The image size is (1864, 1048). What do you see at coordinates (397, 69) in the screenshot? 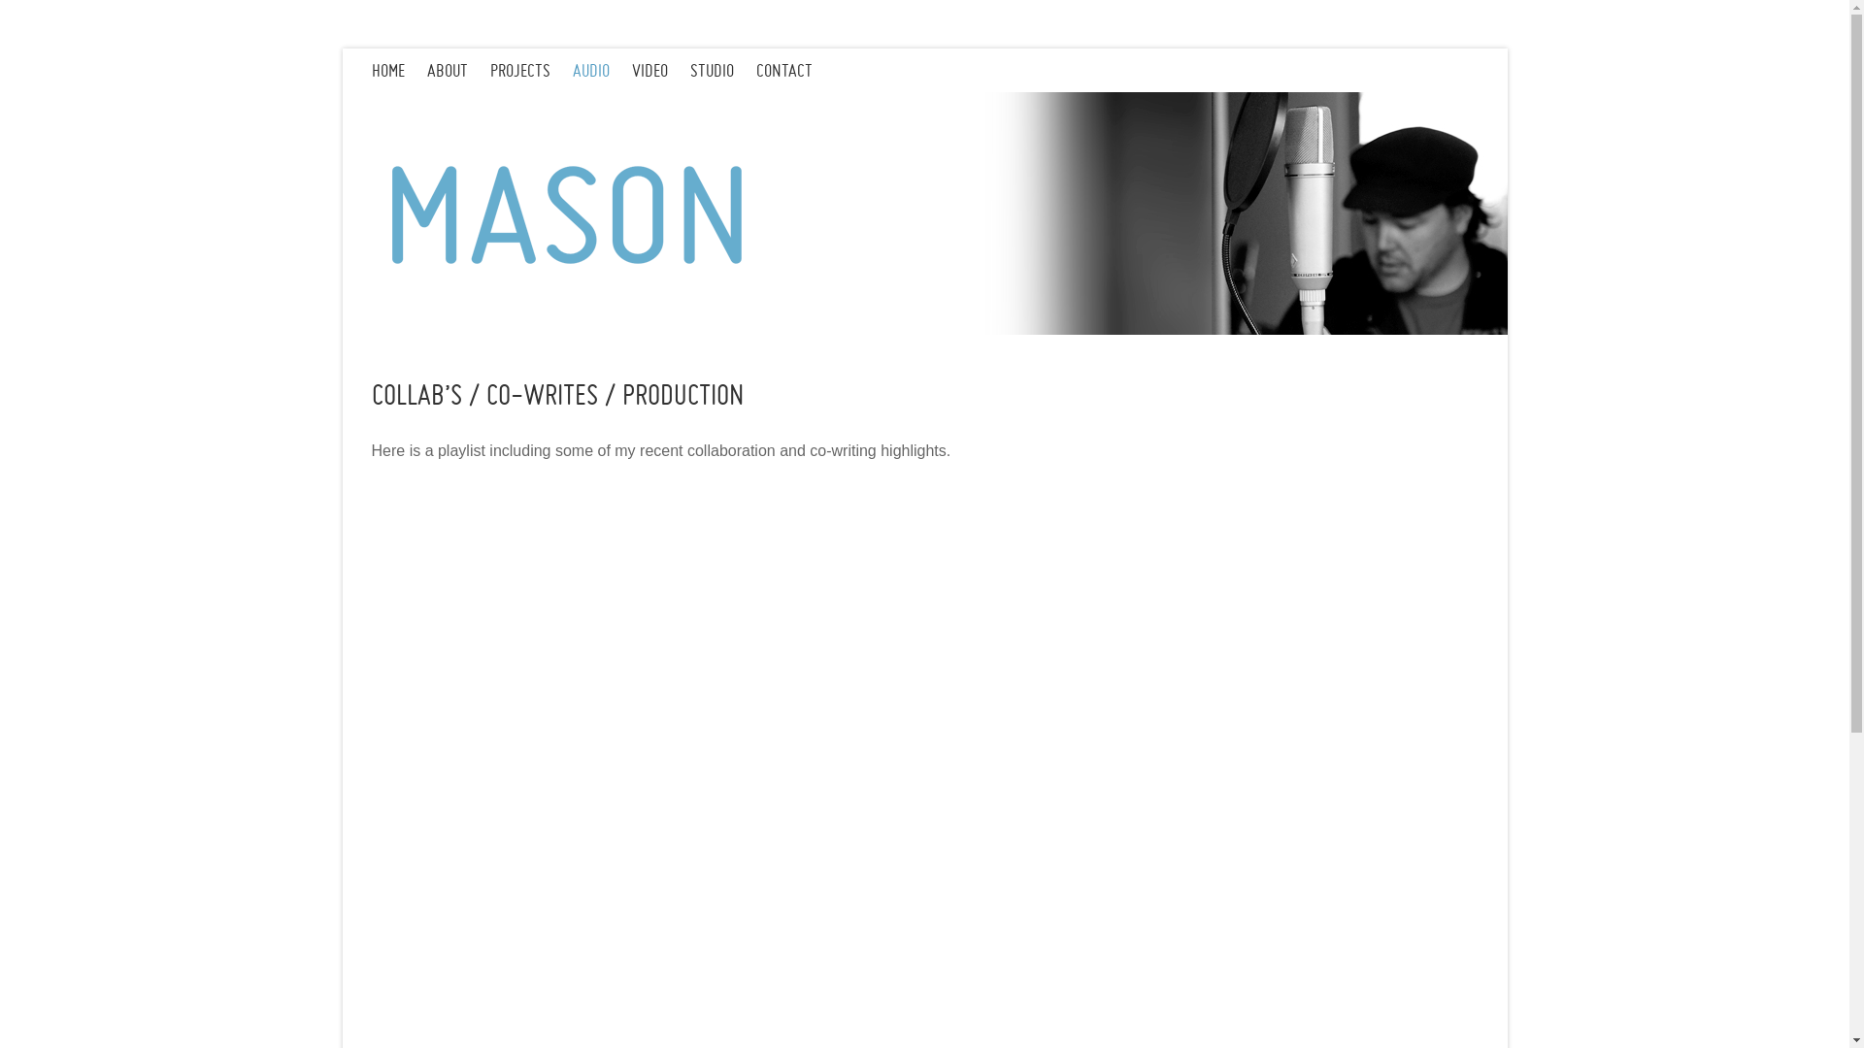
I see `'HOME'` at bounding box center [397, 69].